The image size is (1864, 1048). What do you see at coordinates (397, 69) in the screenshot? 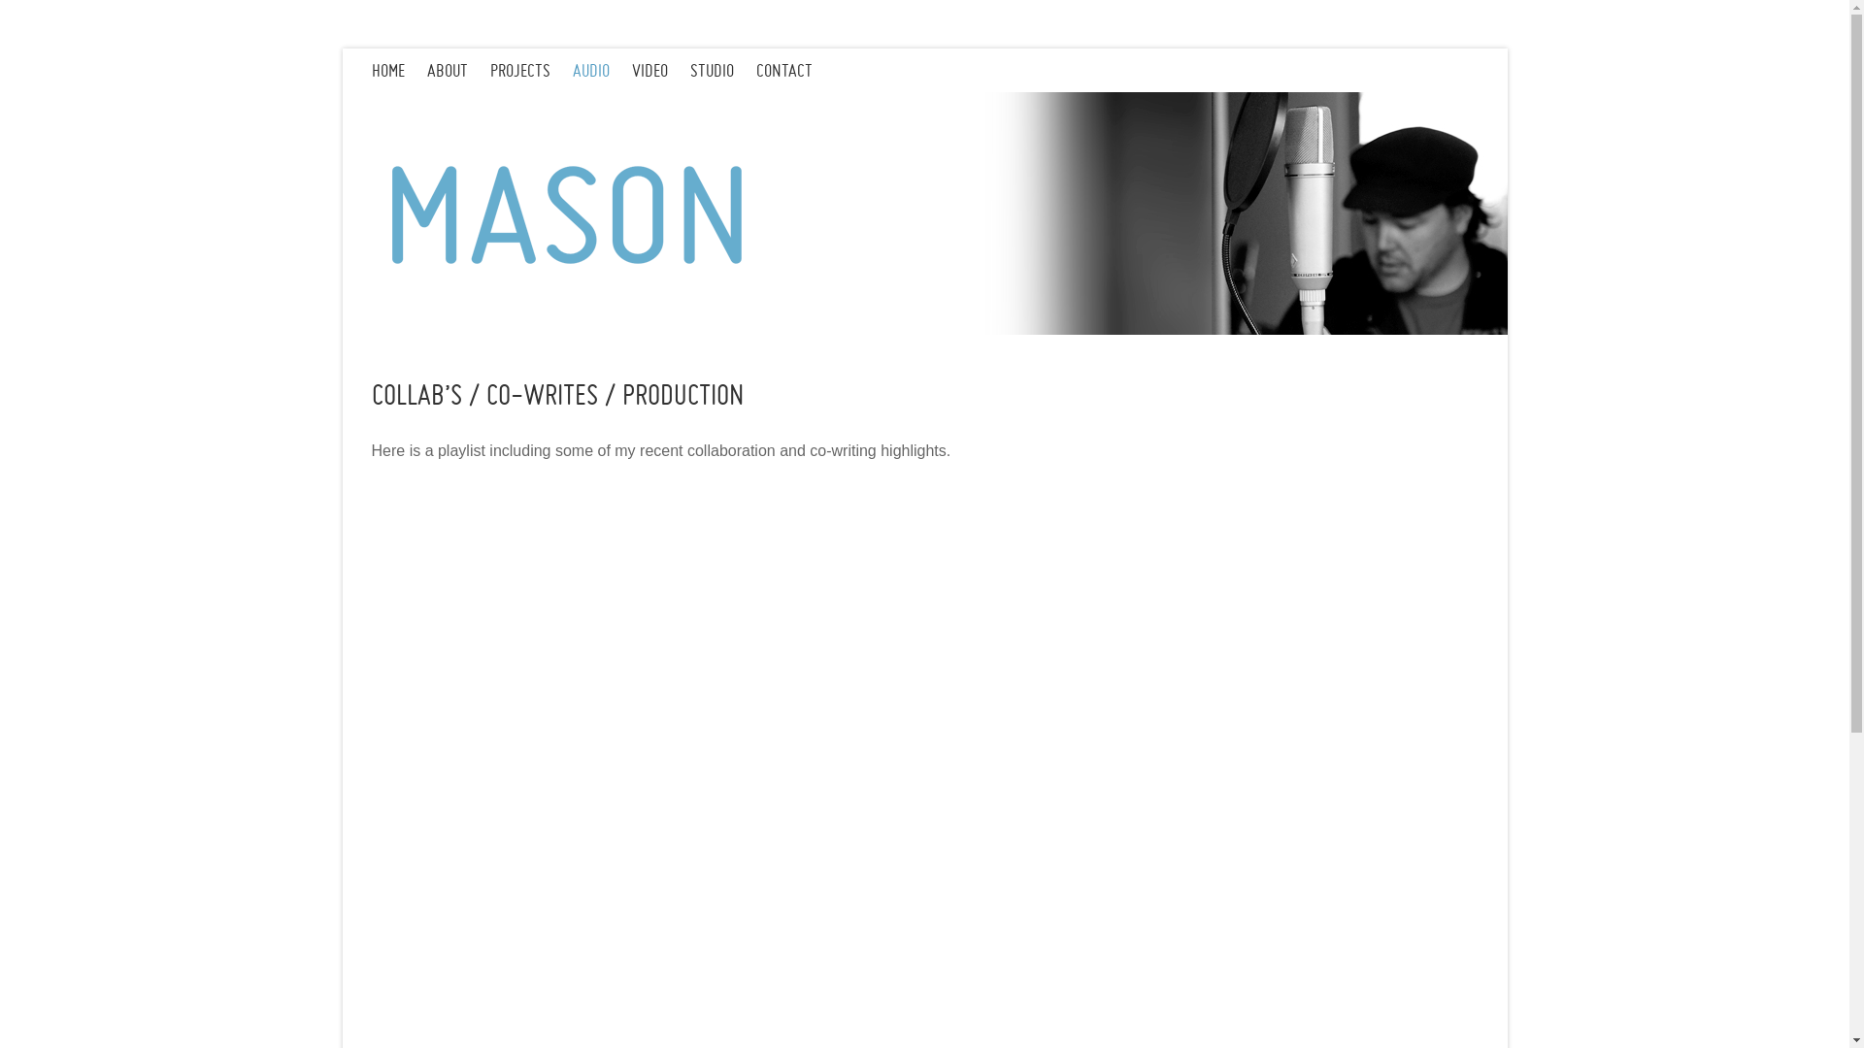
I see `'HOME'` at bounding box center [397, 69].